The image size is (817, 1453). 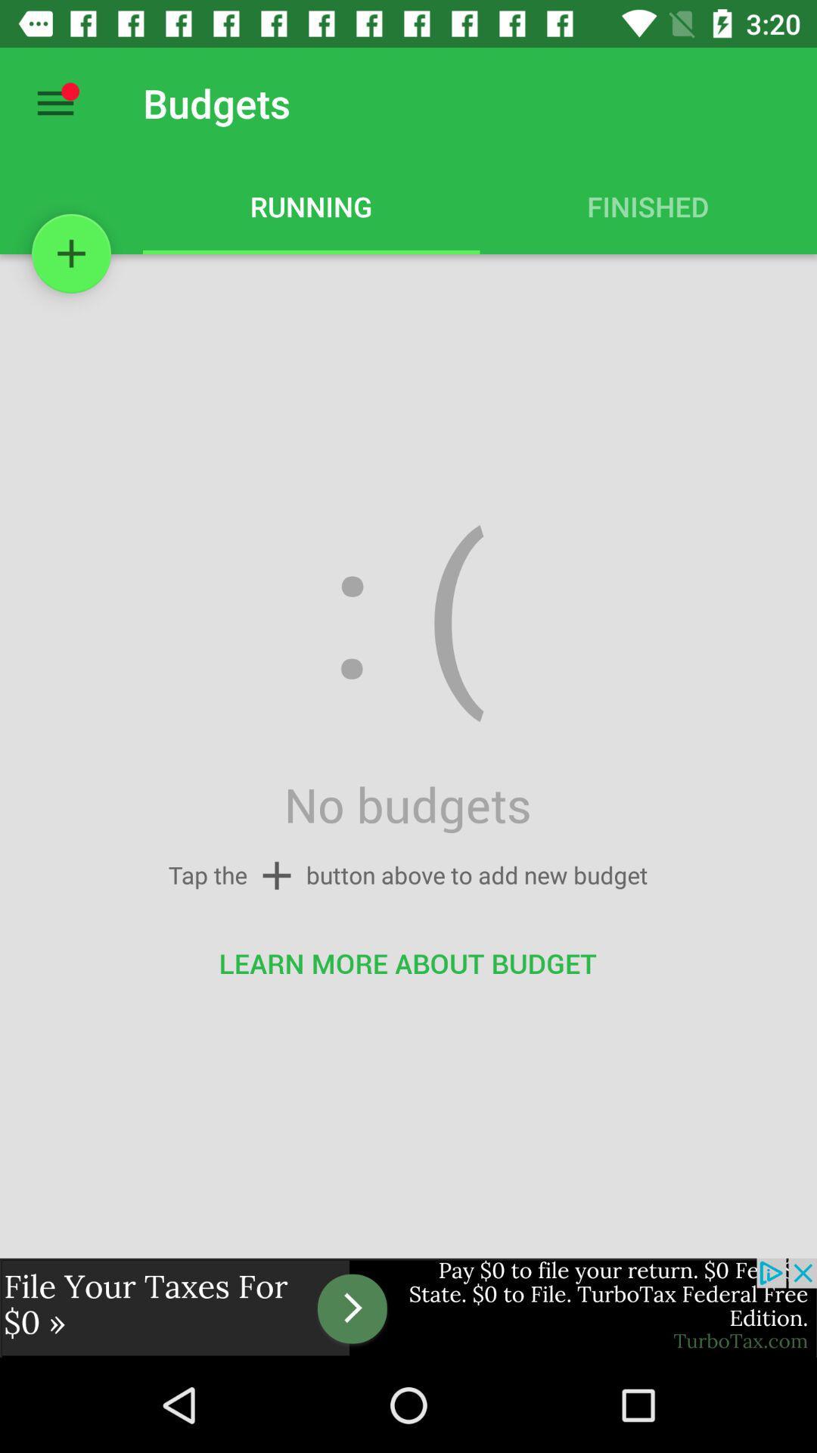 I want to click on open app, so click(x=408, y=1307).